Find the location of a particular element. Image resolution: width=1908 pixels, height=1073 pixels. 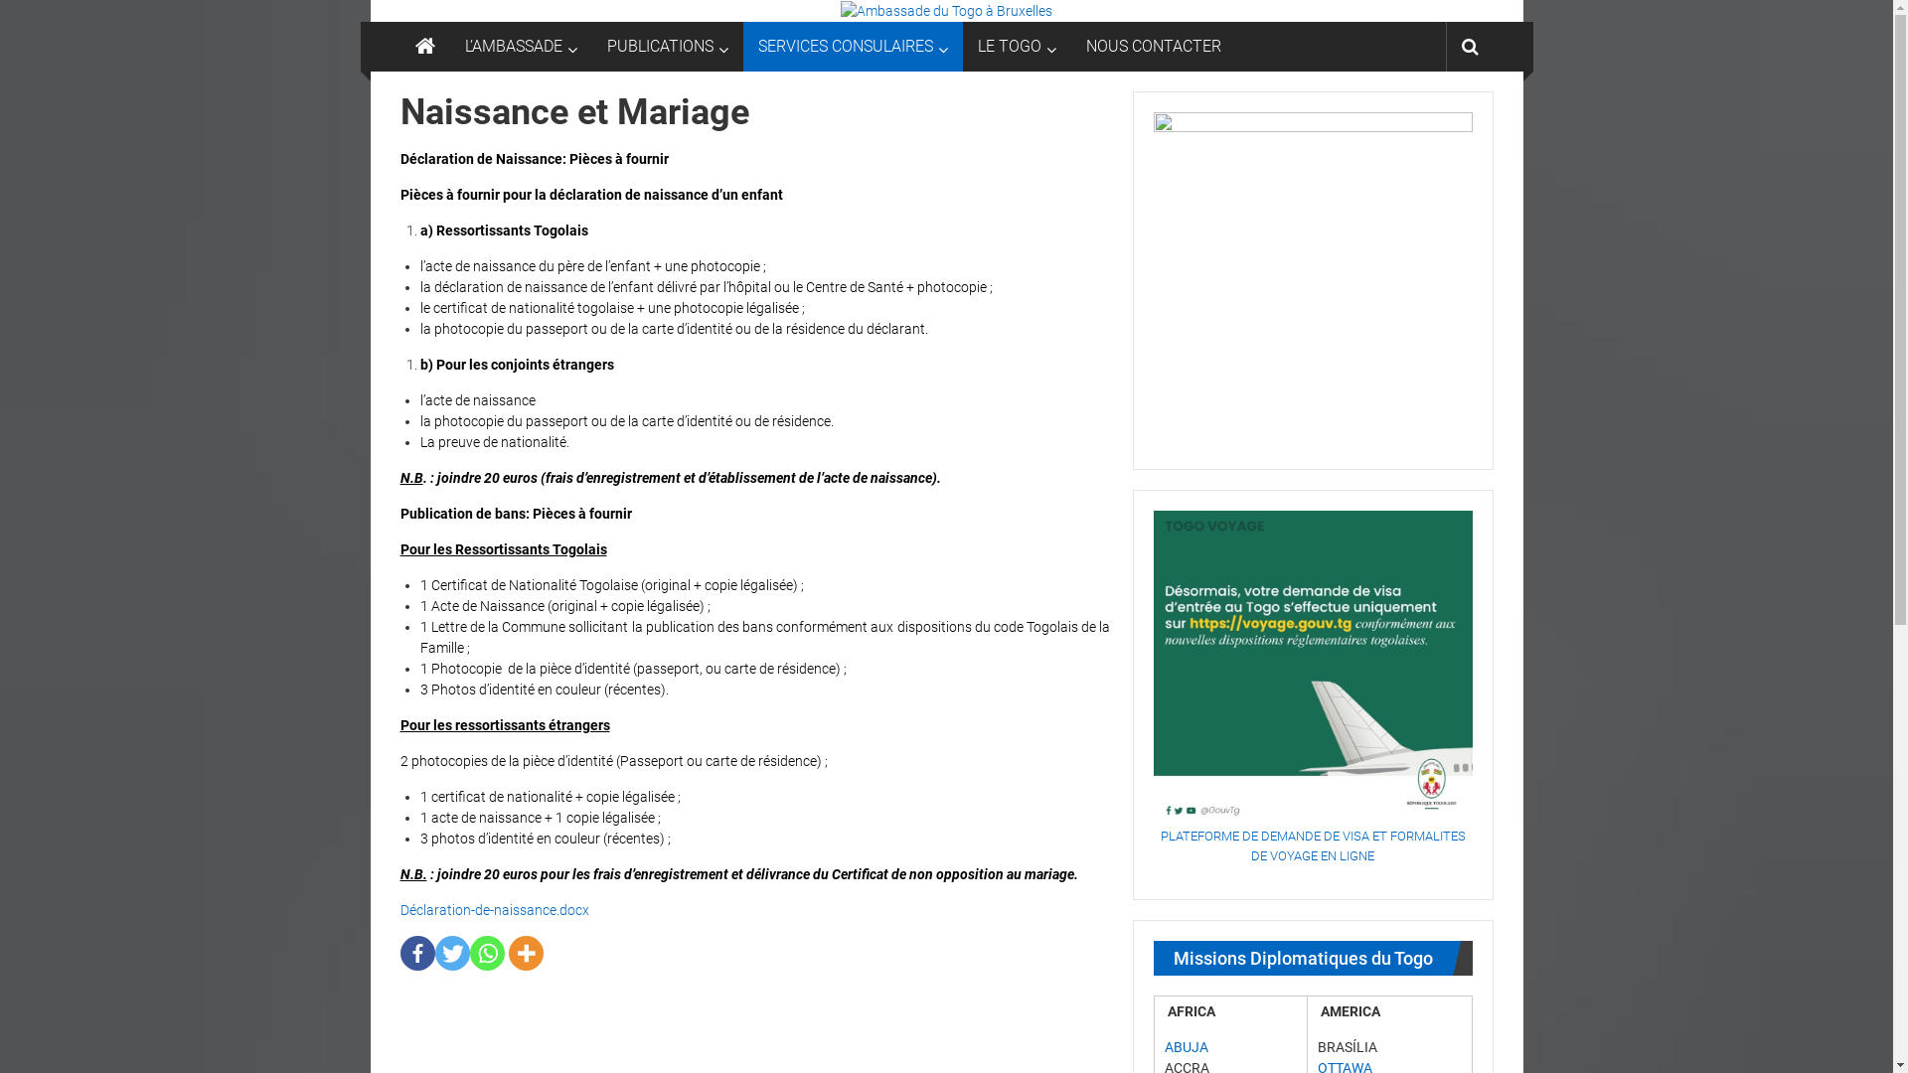

'ABUJA' is located at coordinates (1187, 1045).